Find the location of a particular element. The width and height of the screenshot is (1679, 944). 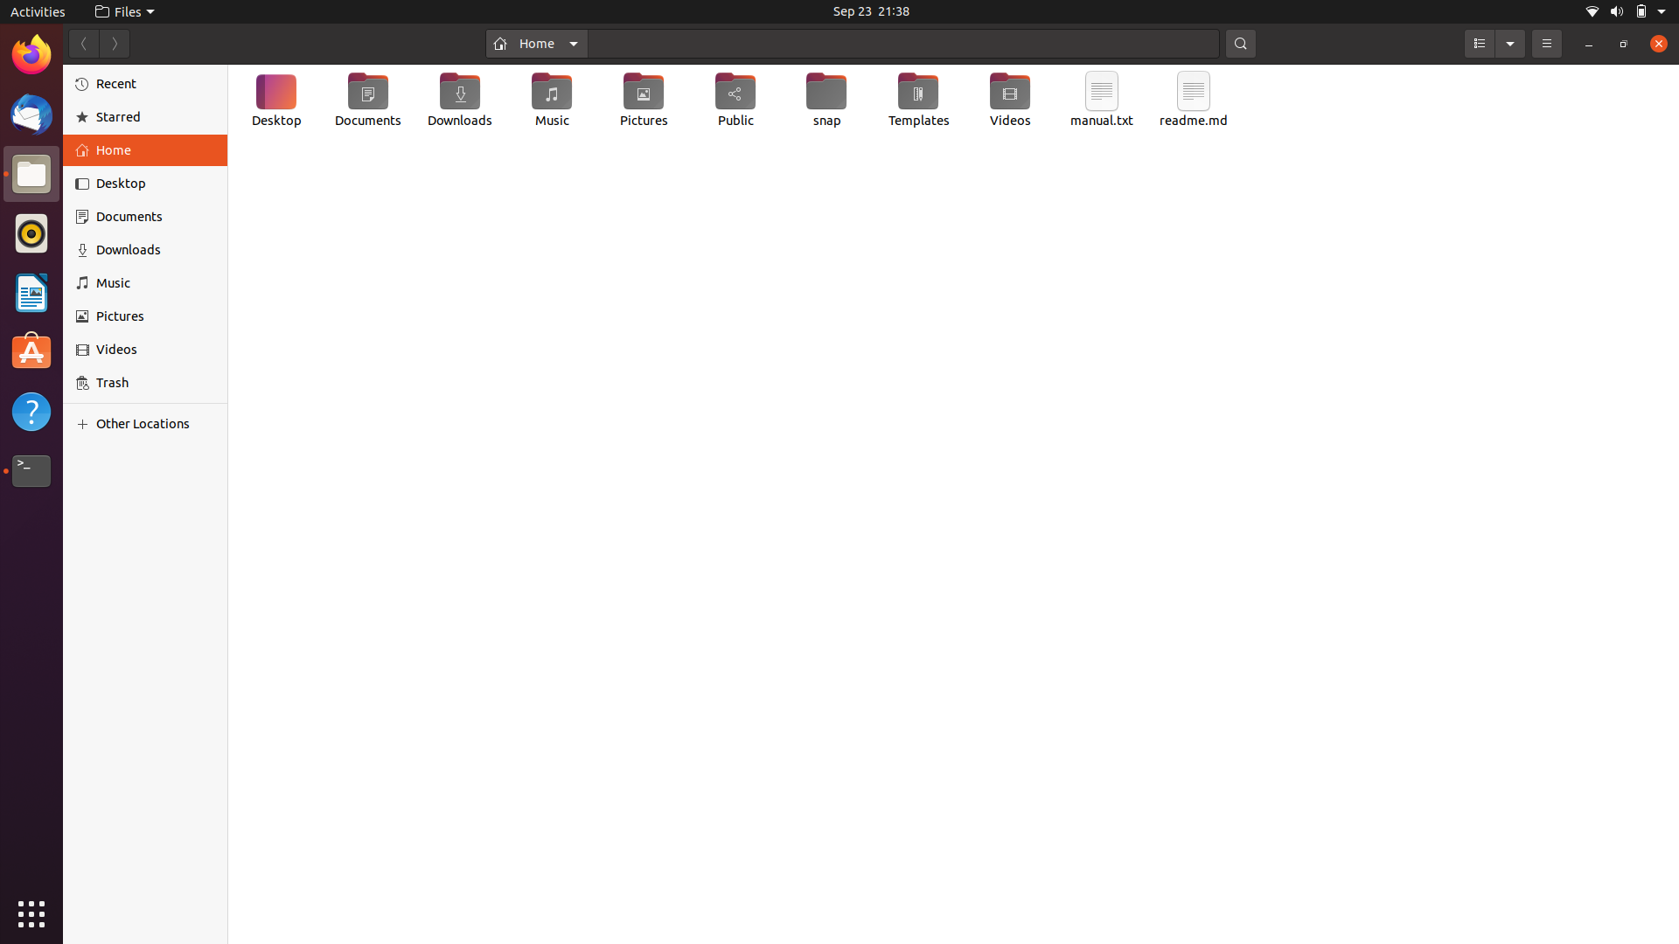

Build a new text document in your Download directory using a python-based automation script is located at coordinates (461, 101).